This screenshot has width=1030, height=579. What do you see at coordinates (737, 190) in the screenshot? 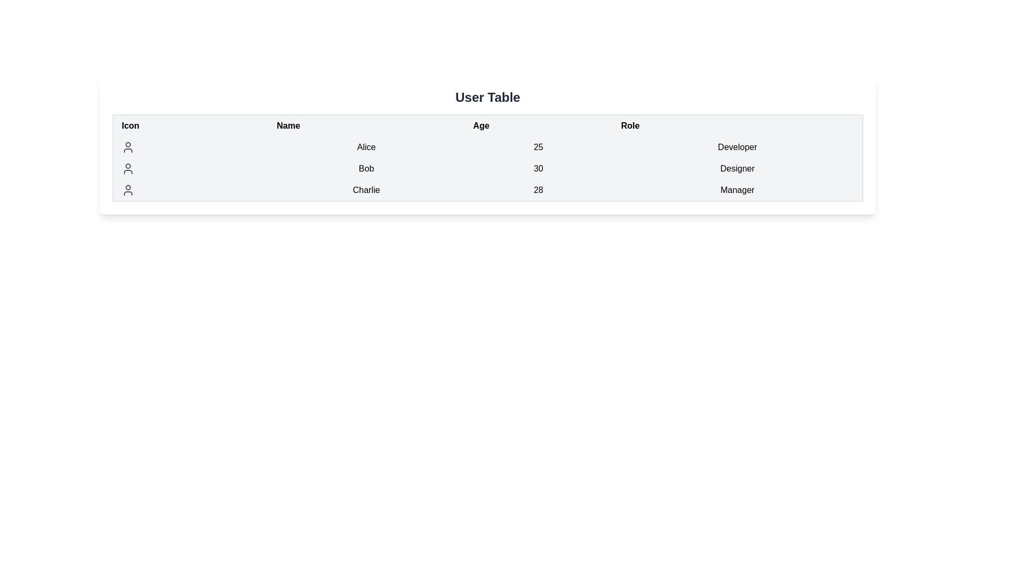
I see `the non-interactive Text label displaying the role associated with the user 'Charlie', located in the third row of the table under the 'Role' column` at bounding box center [737, 190].